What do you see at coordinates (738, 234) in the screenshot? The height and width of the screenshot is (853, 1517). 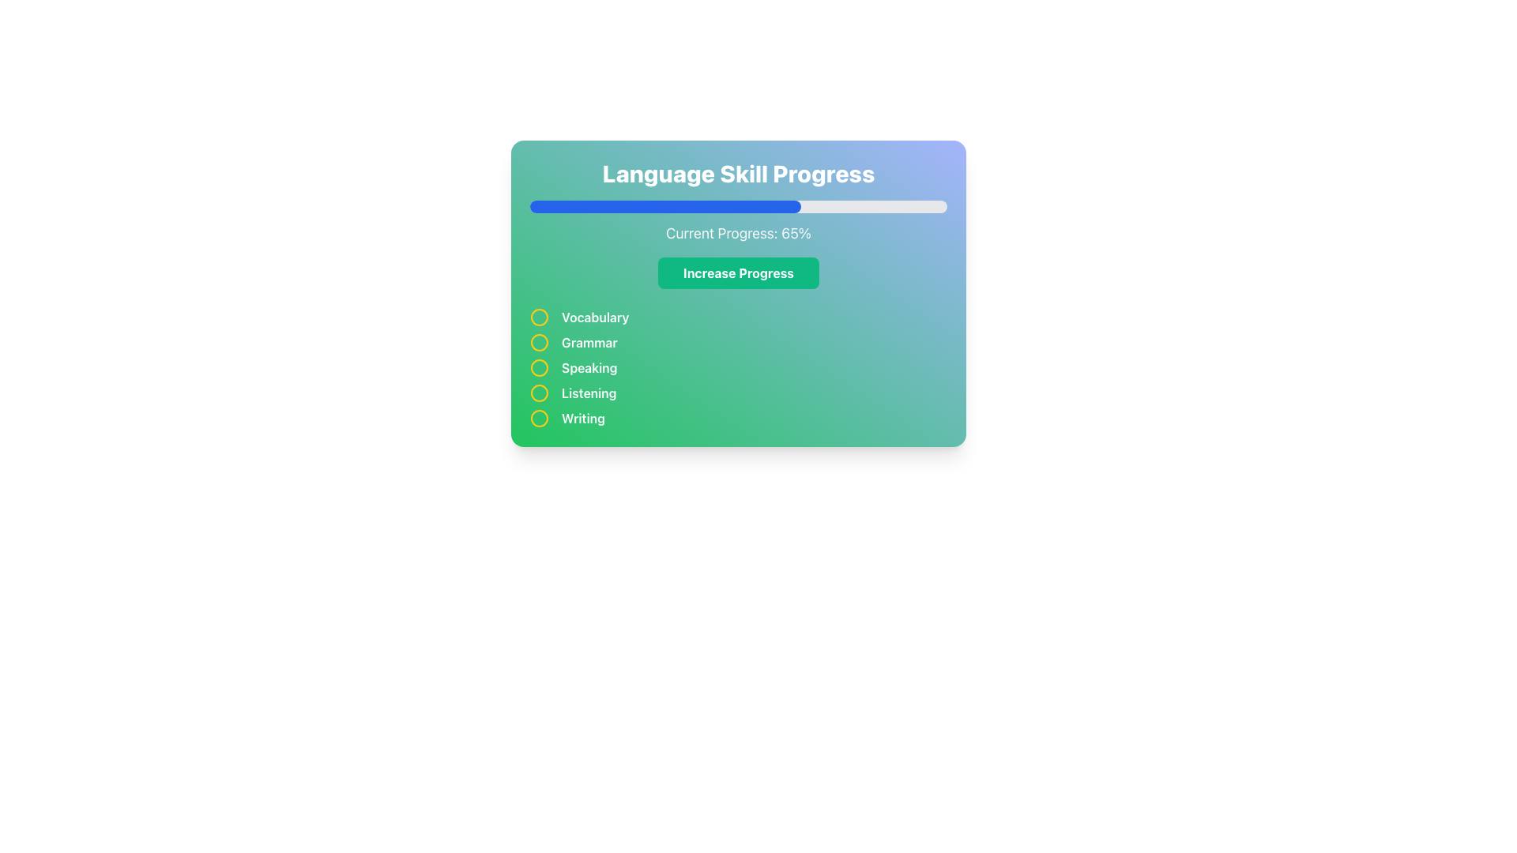 I see `the text label displaying 'Current Progress: 65%' which is located under the title 'Language Skill Progress' and above the 'Increase Progress' button` at bounding box center [738, 234].